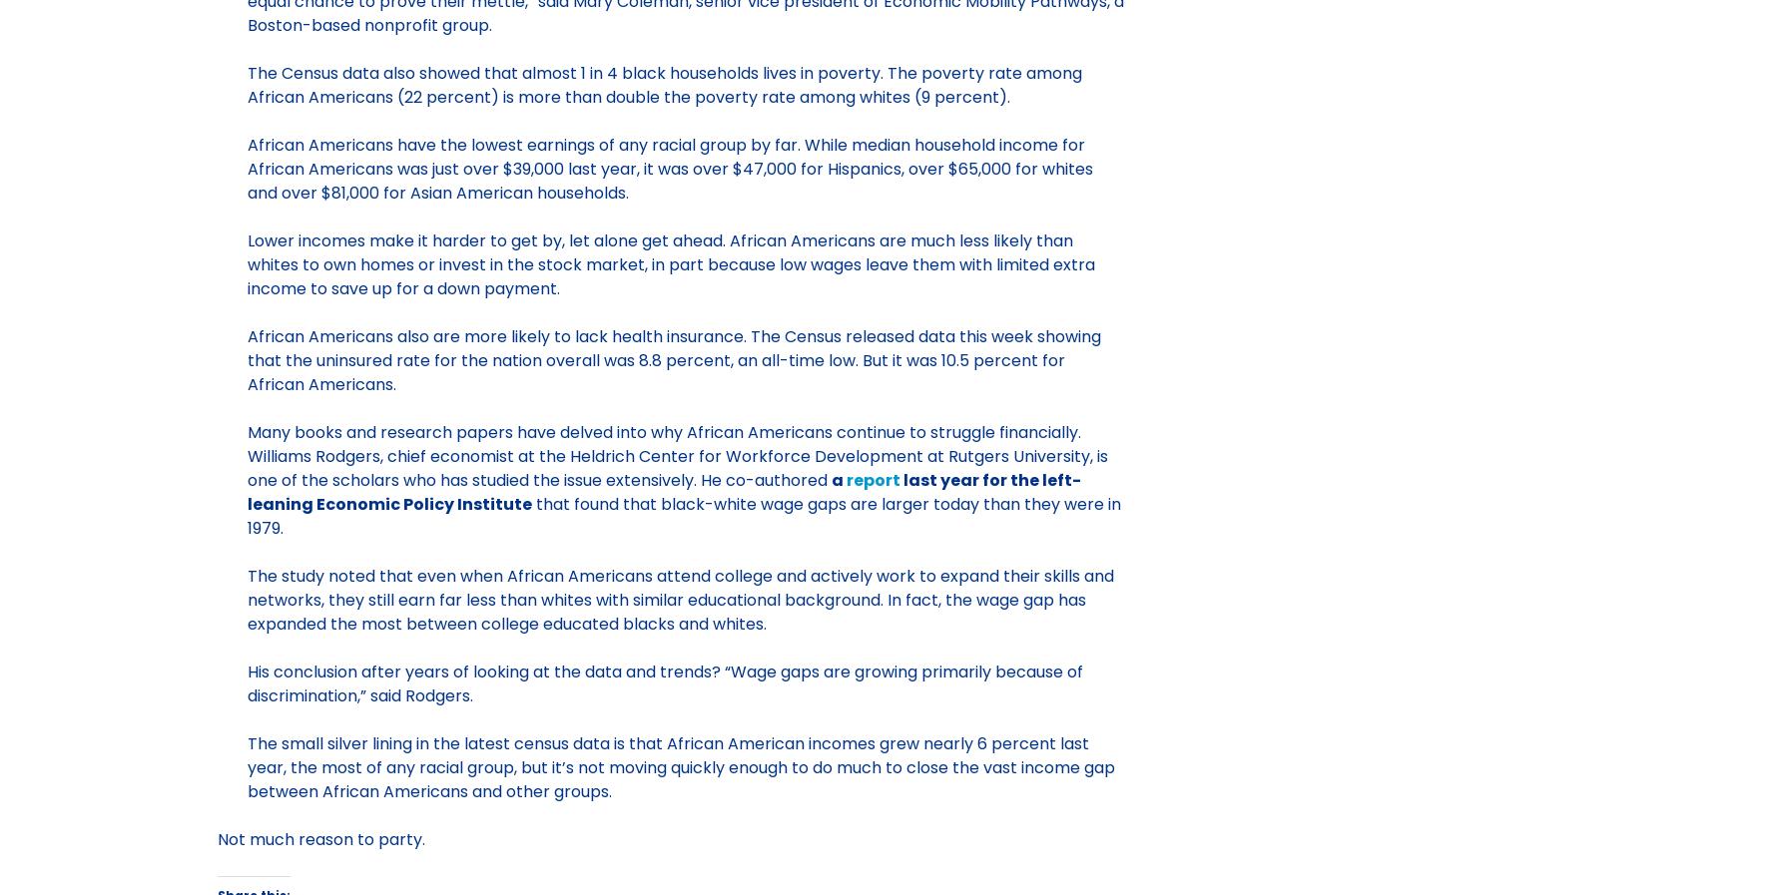 The height and width of the screenshot is (895, 1792). I want to click on 'African Americans also are more likely to lack health insurance. The Census released data this week showing that the uninsured rate for the nation overall was 8.8 percent, an all-time low. But it was 10.5 percent for African Americans.', so click(672, 358).